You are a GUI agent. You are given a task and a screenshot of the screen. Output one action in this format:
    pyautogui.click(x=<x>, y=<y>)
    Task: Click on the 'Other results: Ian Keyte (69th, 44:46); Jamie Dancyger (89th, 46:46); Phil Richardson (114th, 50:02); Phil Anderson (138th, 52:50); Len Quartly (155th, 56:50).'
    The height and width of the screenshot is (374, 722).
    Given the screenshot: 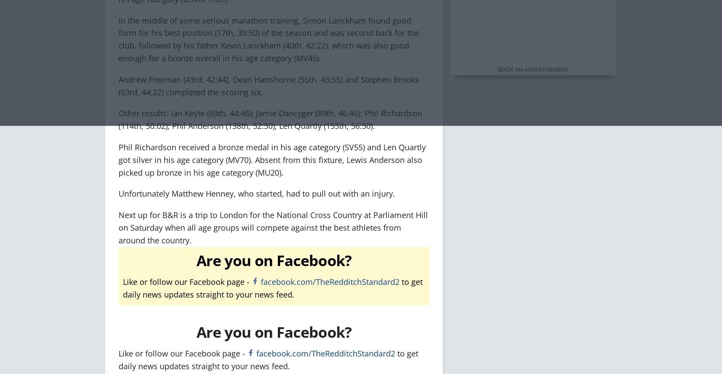 What is the action you would take?
    pyautogui.click(x=118, y=119)
    